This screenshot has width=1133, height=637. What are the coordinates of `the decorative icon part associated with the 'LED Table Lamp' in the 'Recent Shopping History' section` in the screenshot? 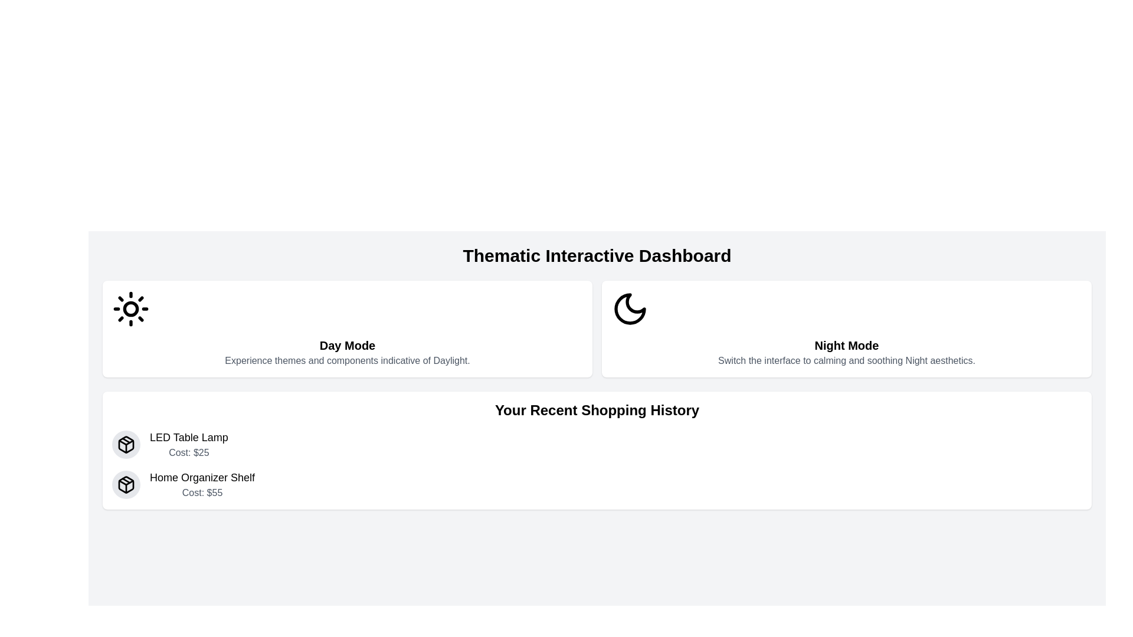 It's located at (126, 442).